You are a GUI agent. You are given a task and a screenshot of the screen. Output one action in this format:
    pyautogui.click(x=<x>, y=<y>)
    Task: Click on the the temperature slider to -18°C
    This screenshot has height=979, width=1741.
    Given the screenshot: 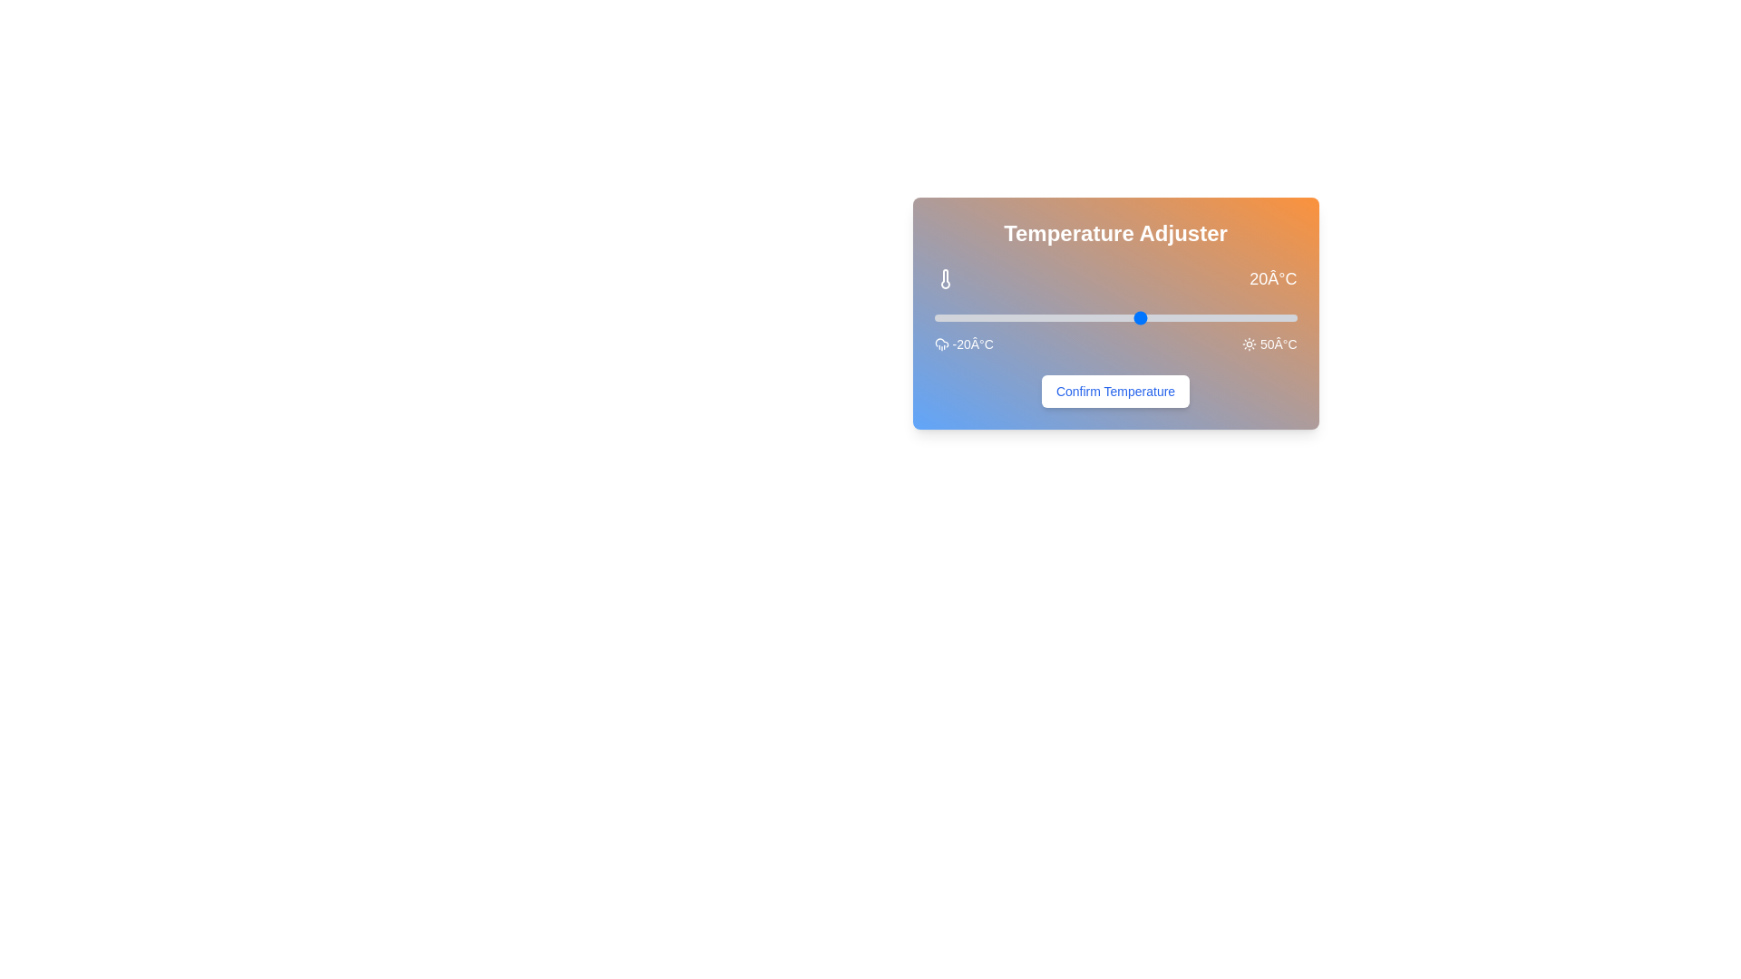 What is the action you would take?
    pyautogui.click(x=943, y=317)
    